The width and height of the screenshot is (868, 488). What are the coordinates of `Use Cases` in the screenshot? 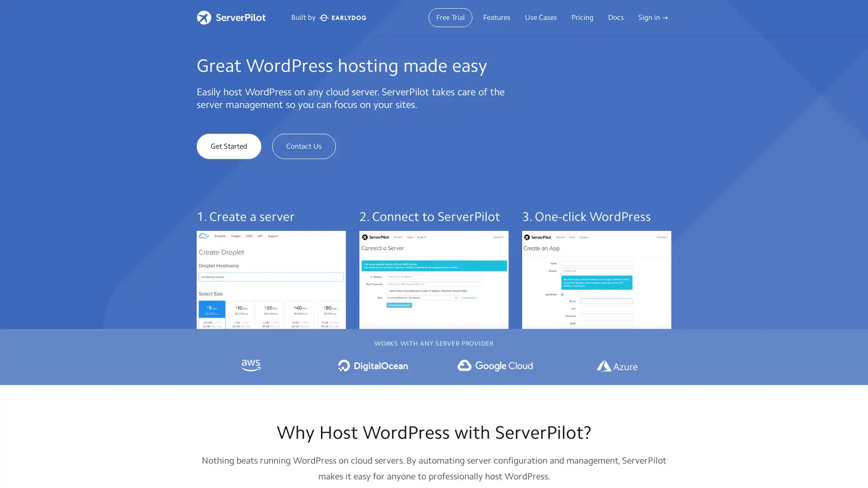 It's located at (541, 17).